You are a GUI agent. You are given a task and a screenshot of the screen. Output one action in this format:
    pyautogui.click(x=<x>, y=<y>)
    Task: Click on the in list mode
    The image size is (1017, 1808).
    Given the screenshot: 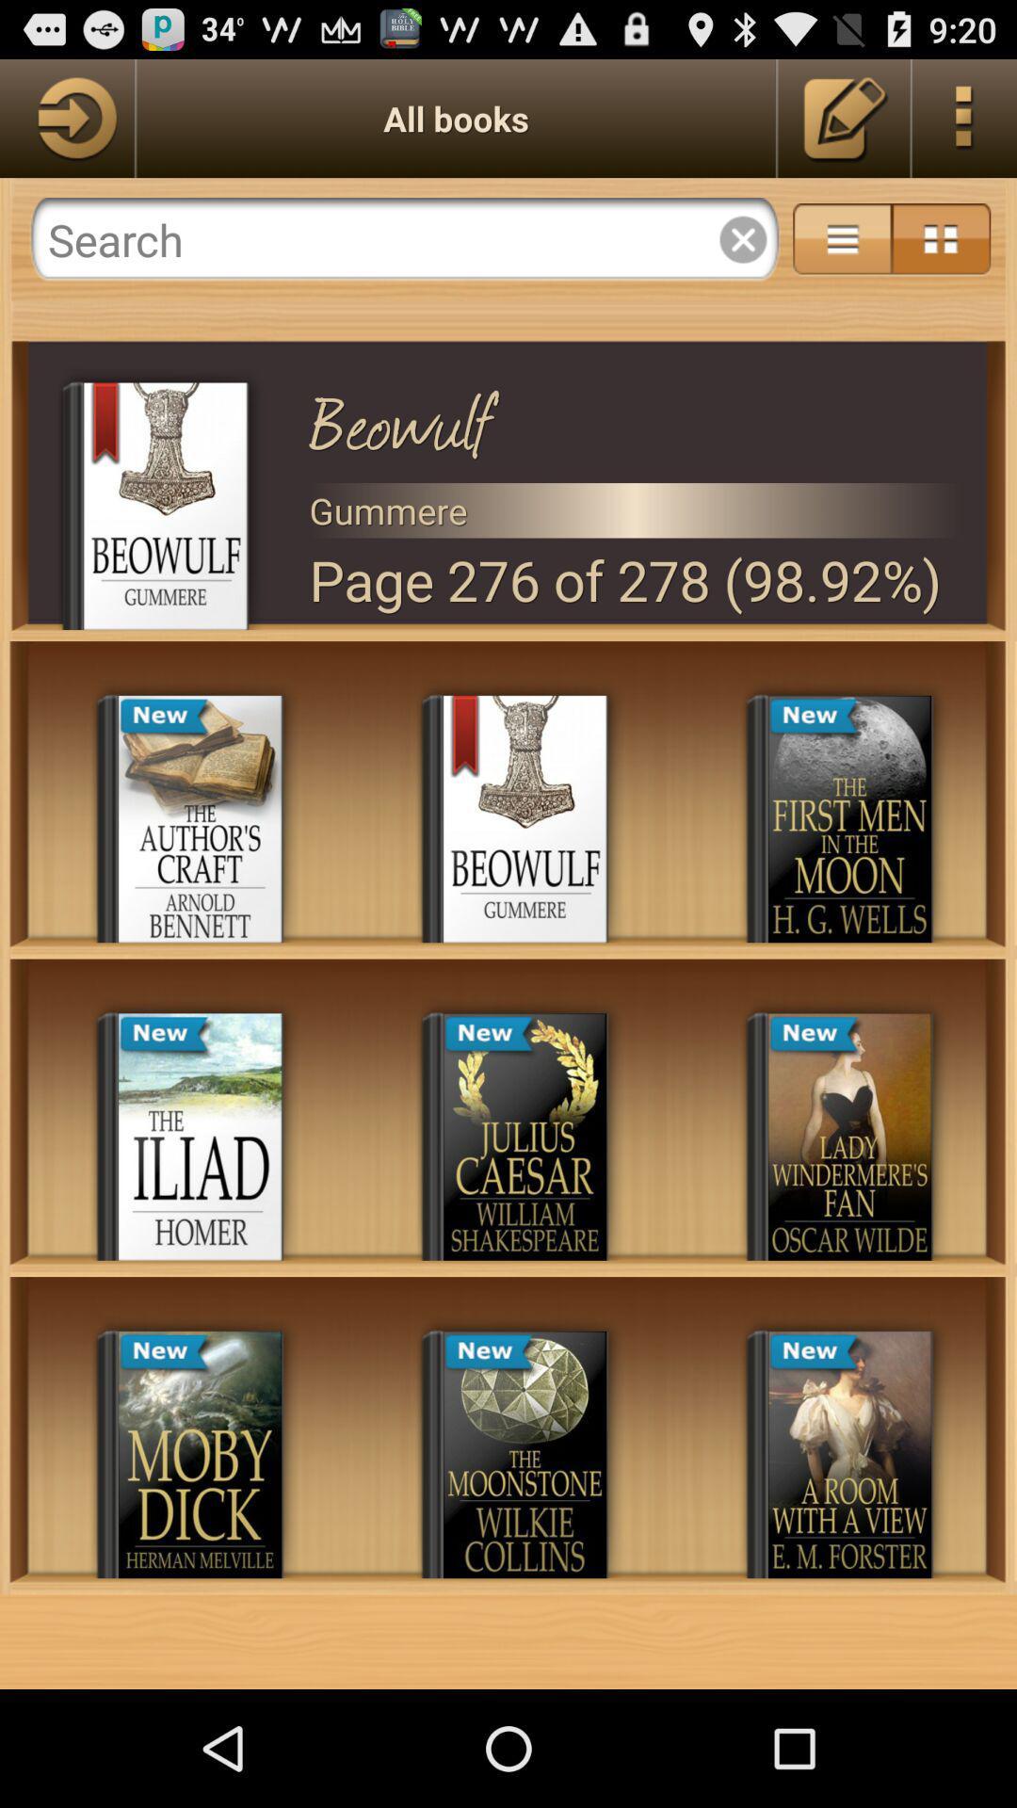 What is the action you would take?
    pyautogui.click(x=841, y=238)
    